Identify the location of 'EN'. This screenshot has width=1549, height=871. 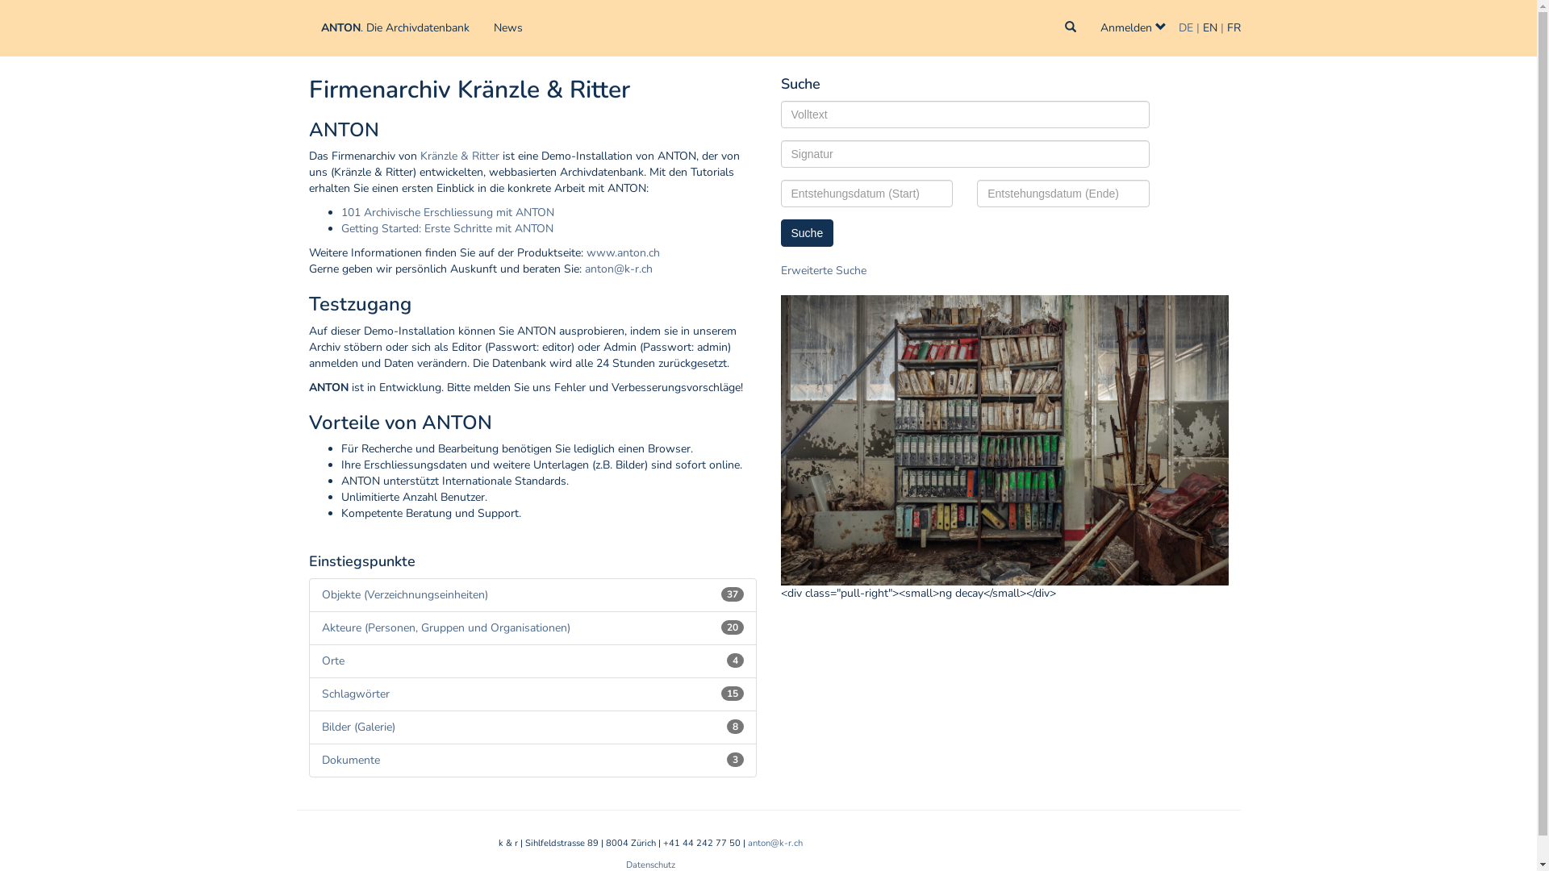
(1209, 27).